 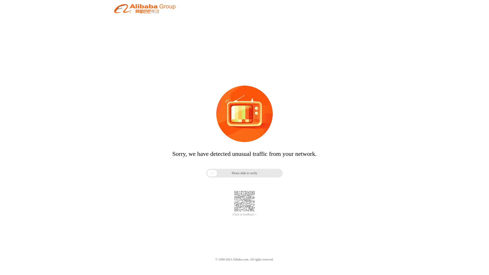 I want to click on 'Click to feedback >', so click(x=244, y=214).